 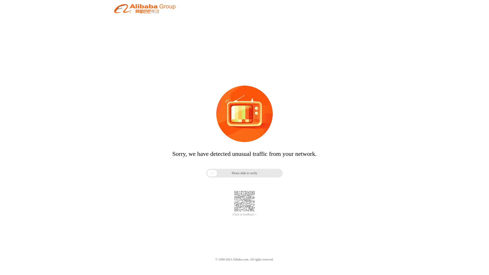 I want to click on 'Click to feedback >', so click(x=244, y=214).